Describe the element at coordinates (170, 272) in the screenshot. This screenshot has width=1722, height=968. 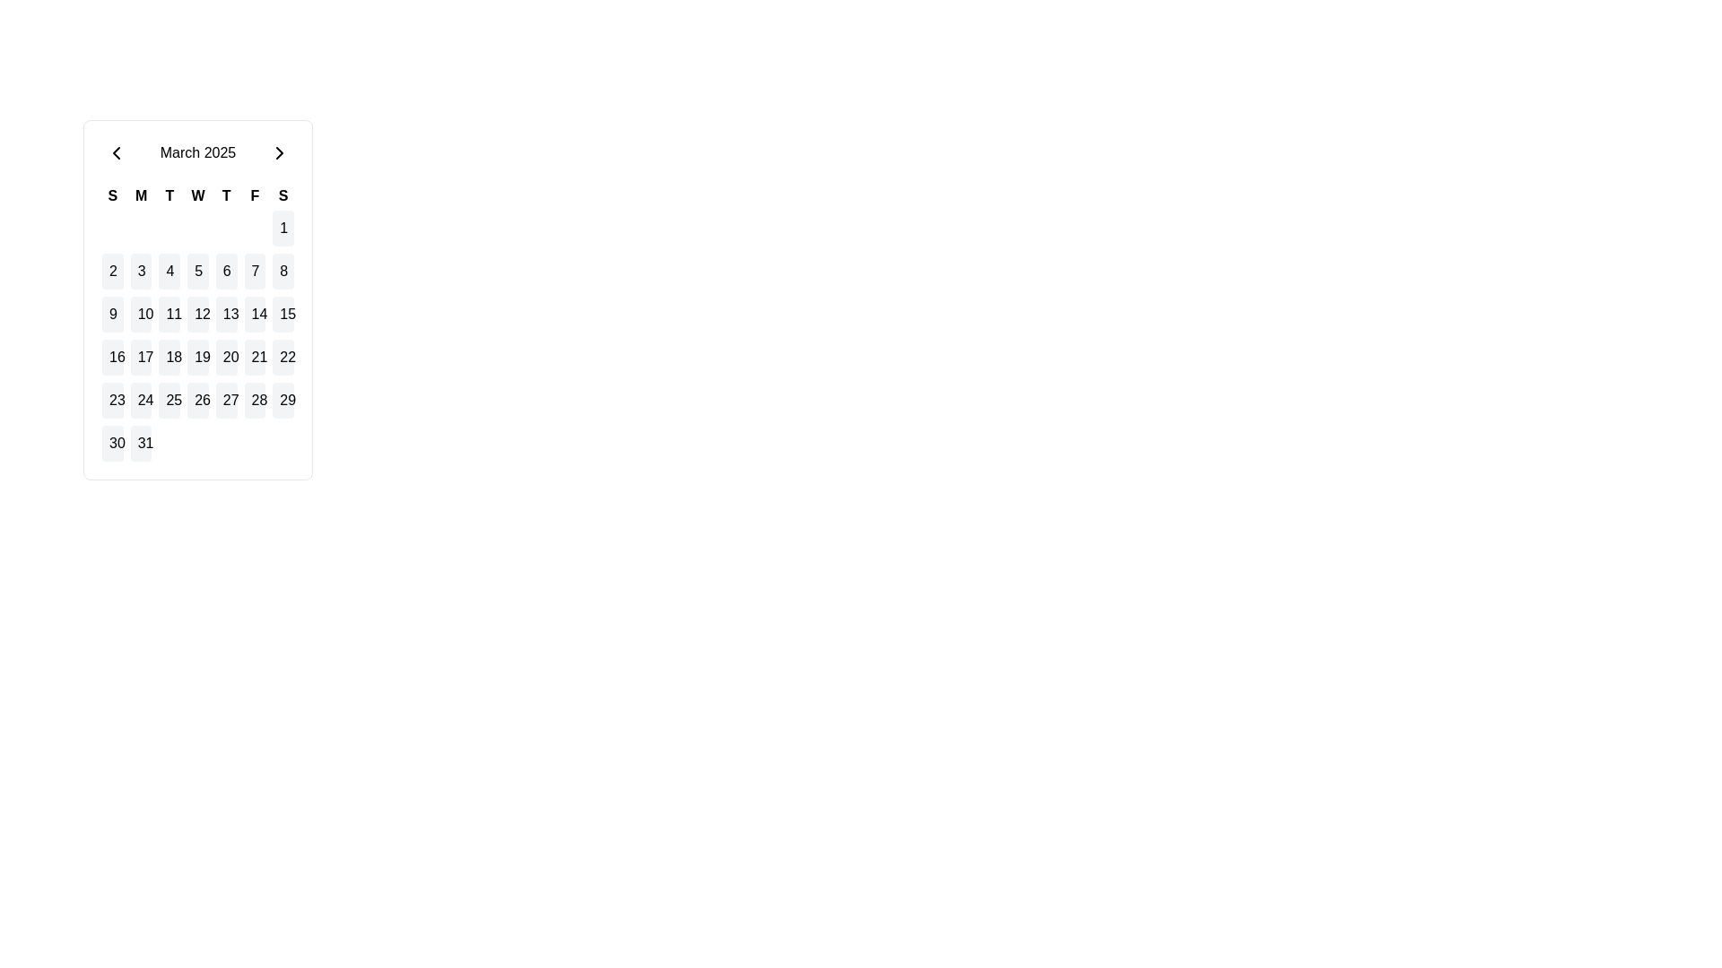
I see `the button representing the date March 4, 2025, in the calendar interface` at that location.